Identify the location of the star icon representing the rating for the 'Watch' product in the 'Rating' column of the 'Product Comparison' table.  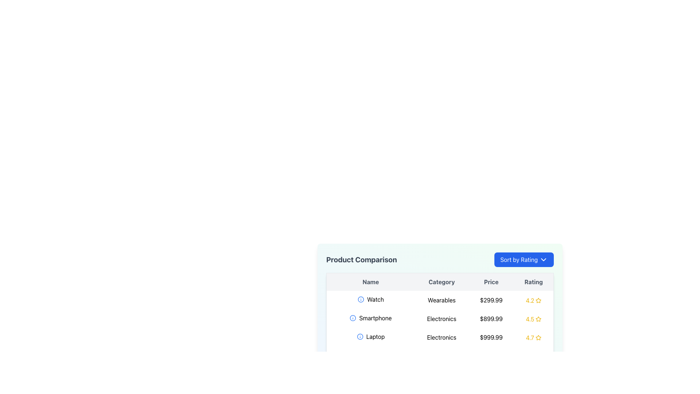
(538, 300).